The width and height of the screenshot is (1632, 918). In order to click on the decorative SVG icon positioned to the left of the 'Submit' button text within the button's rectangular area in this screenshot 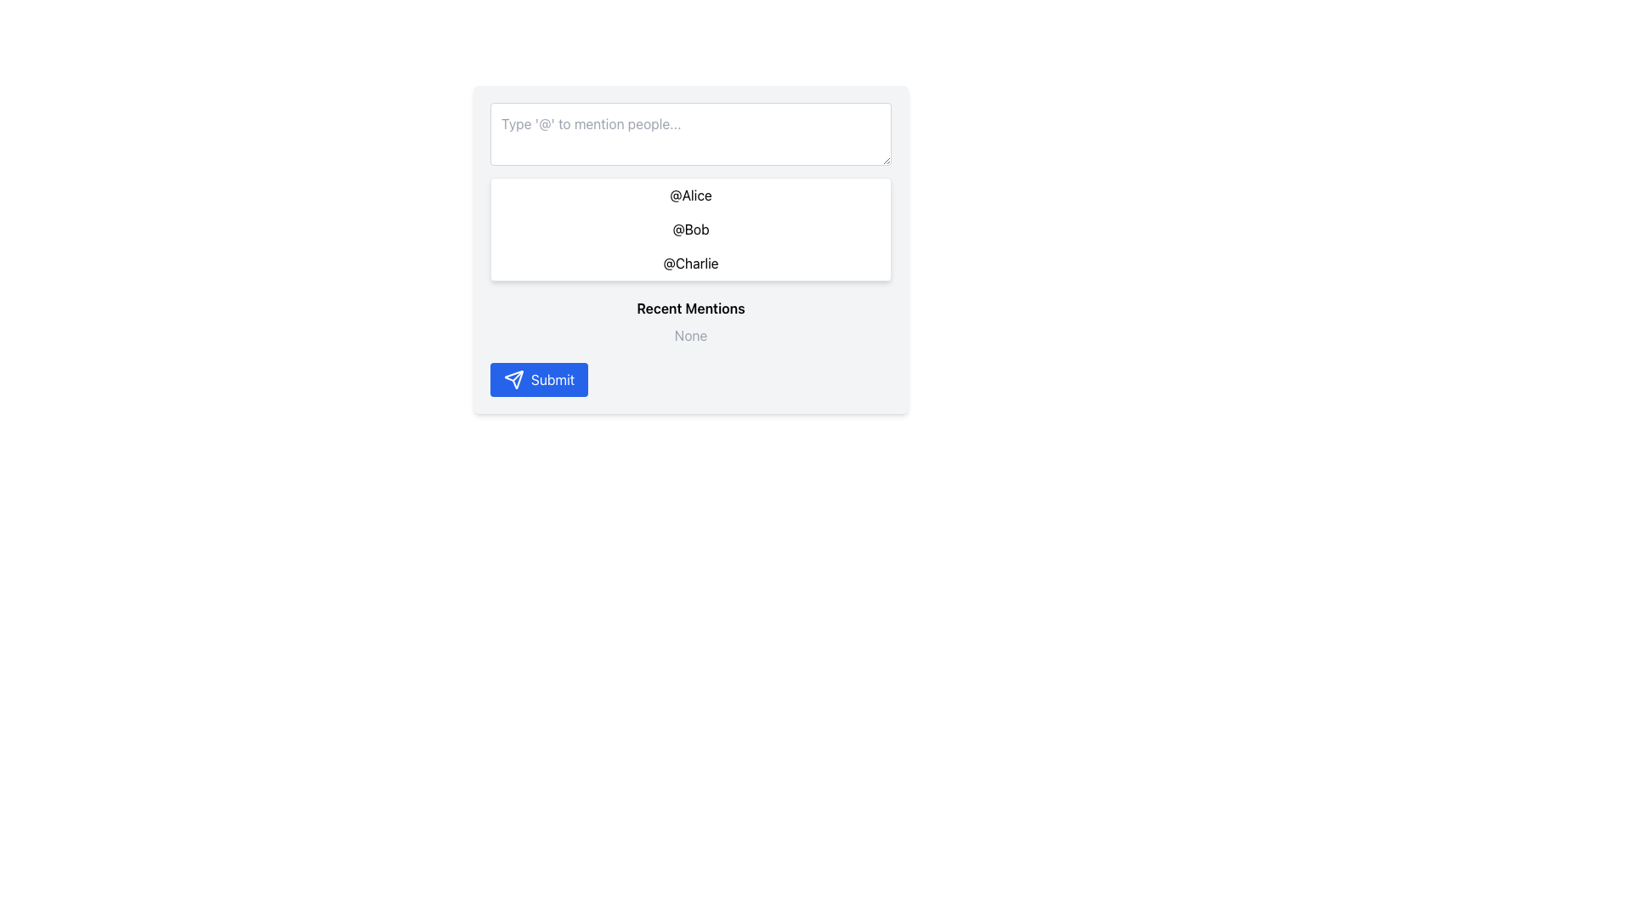, I will do `click(513, 379)`.